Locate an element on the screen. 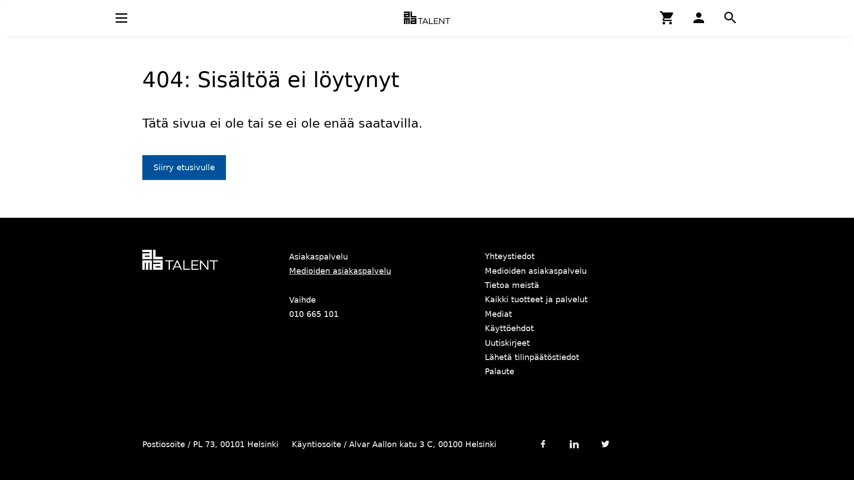  Asetukset is located at coordinates (467, 308).